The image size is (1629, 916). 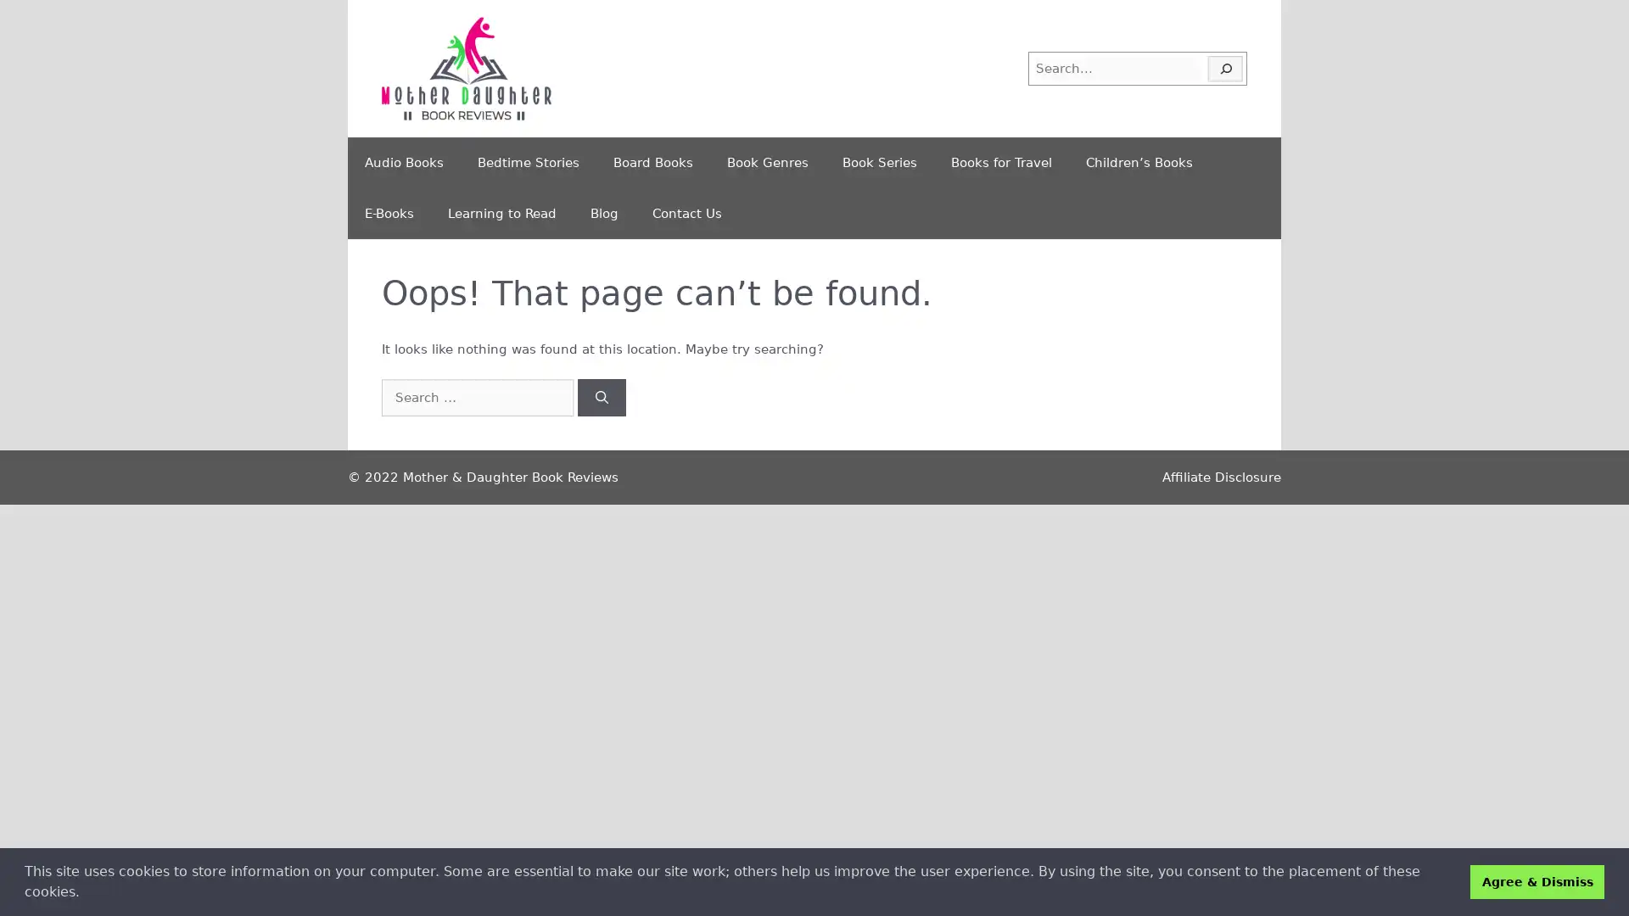 What do you see at coordinates (602, 397) in the screenshot?
I see `Search` at bounding box center [602, 397].